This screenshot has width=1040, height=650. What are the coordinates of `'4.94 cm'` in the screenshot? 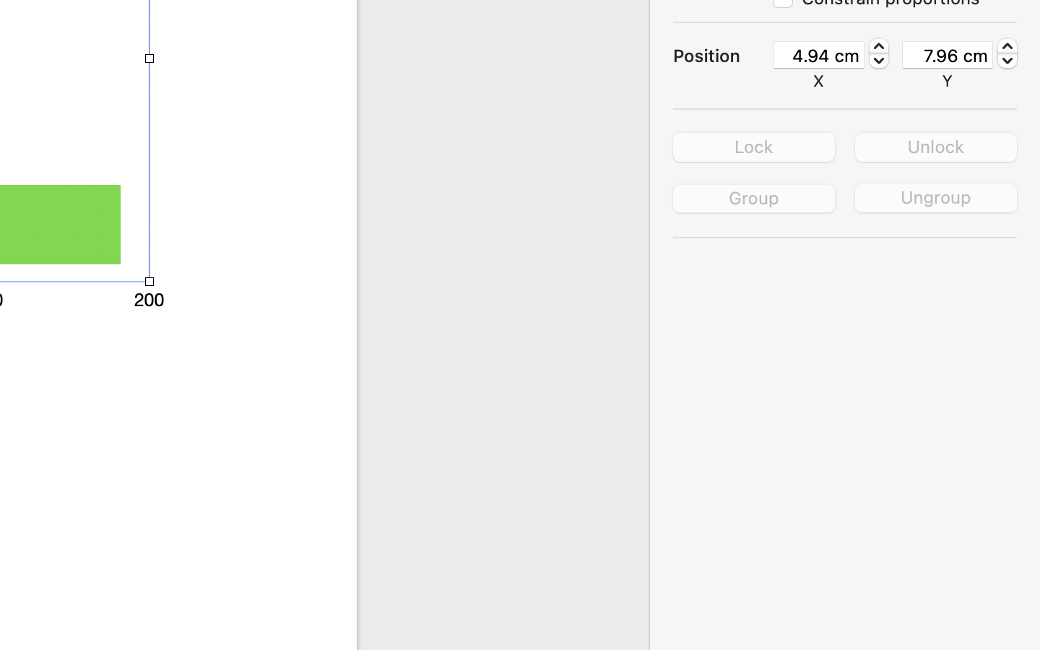 It's located at (818, 53).